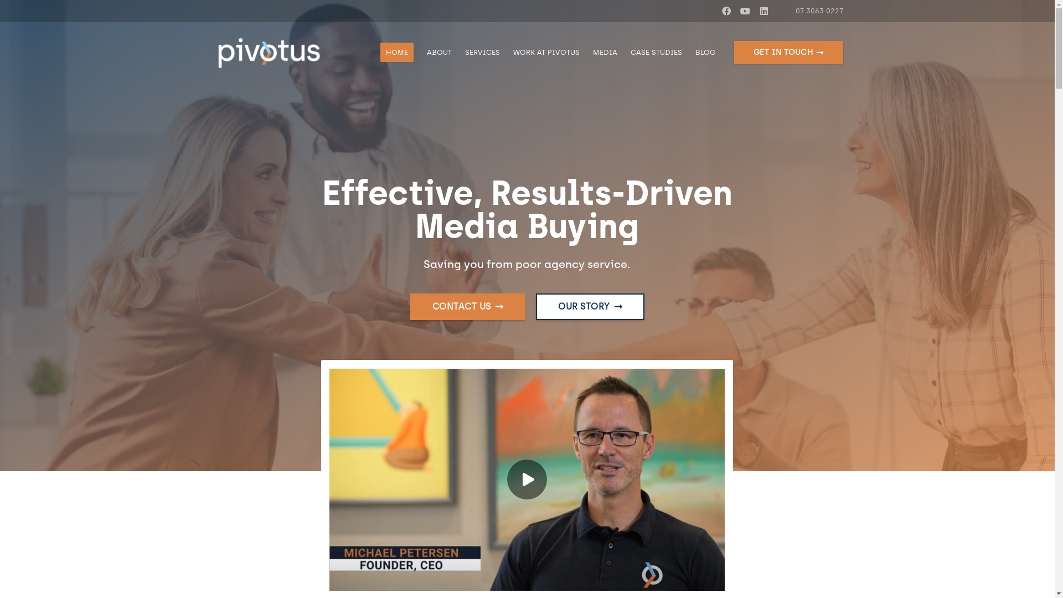 The width and height of the screenshot is (1063, 598). What do you see at coordinates (726, 11) in the screenshot?
I see `'Facebook'` at bounding box center [726, 11].